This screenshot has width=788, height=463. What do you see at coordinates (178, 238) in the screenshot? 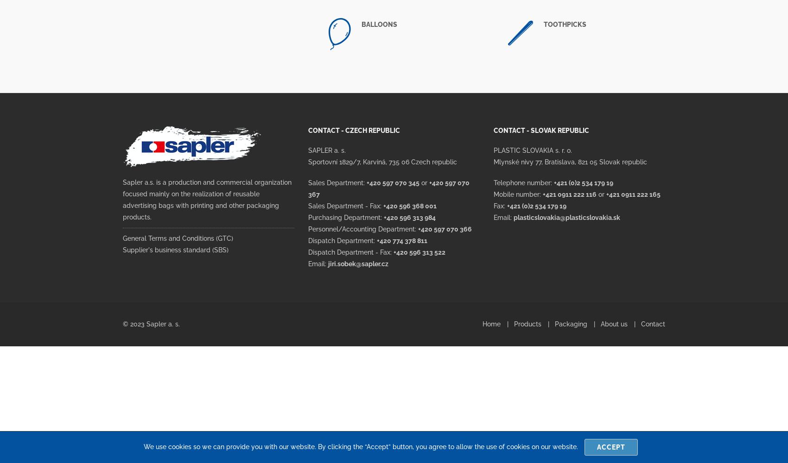
I see `'General Terms and Conditions (GTC)'` at bounding box center [178, 238].